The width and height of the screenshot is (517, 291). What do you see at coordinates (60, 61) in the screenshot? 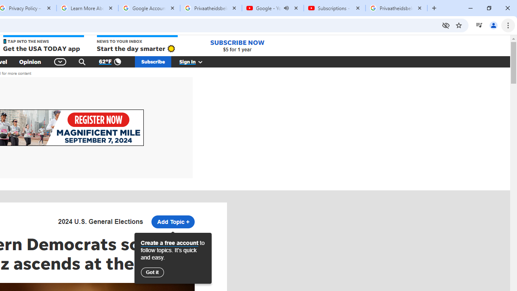
I see `'Global Navigation'` at bounding box center [60, 61].